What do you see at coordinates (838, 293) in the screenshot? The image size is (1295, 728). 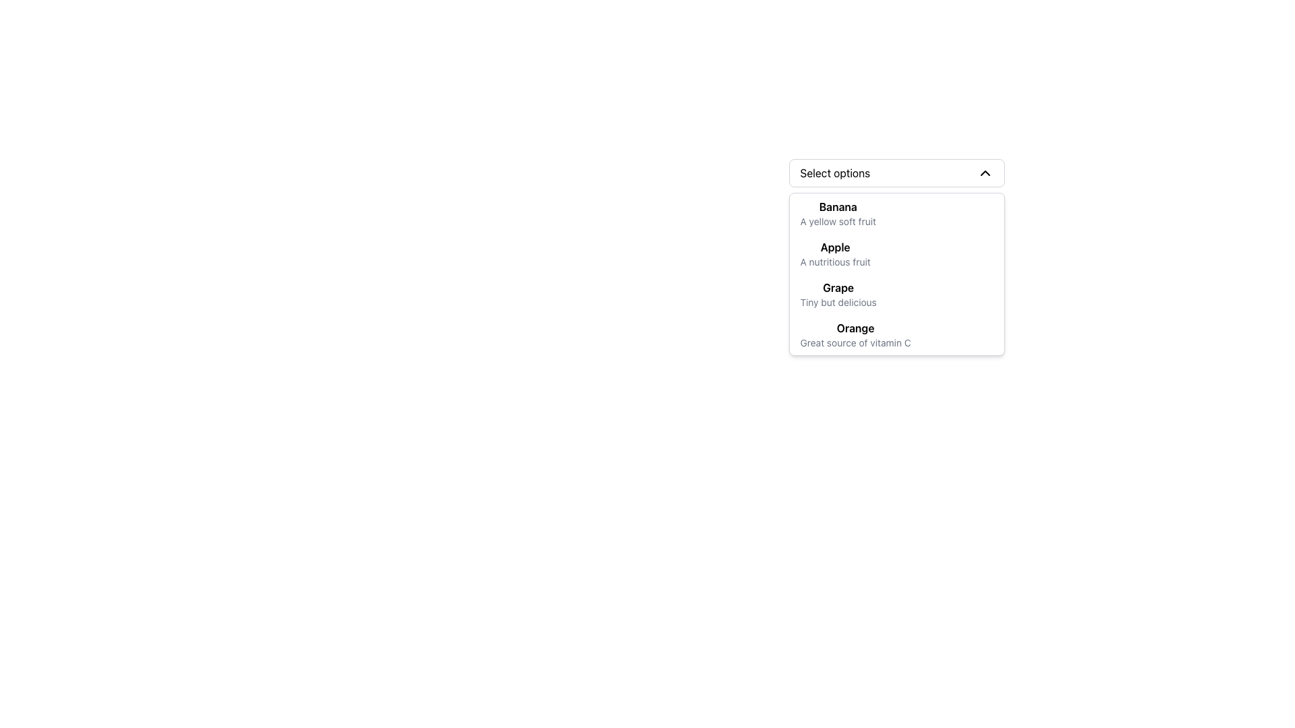 I see `the 'Grape' selection option in the dropdown menu, which is positioned between 'Apple' and 'Orange'` at bounding box center [838, 293].